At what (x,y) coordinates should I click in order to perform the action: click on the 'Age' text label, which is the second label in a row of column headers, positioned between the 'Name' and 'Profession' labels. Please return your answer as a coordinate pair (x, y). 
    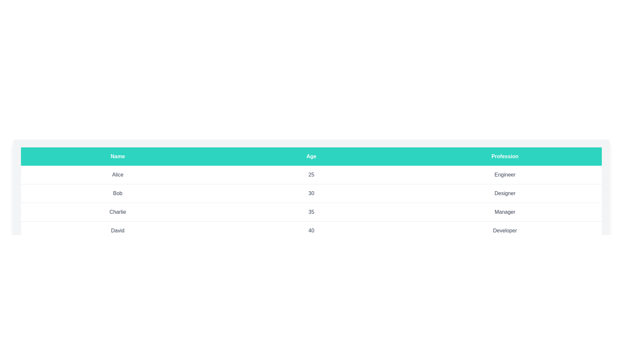
    Looking at the image, I should click on (311, 156).